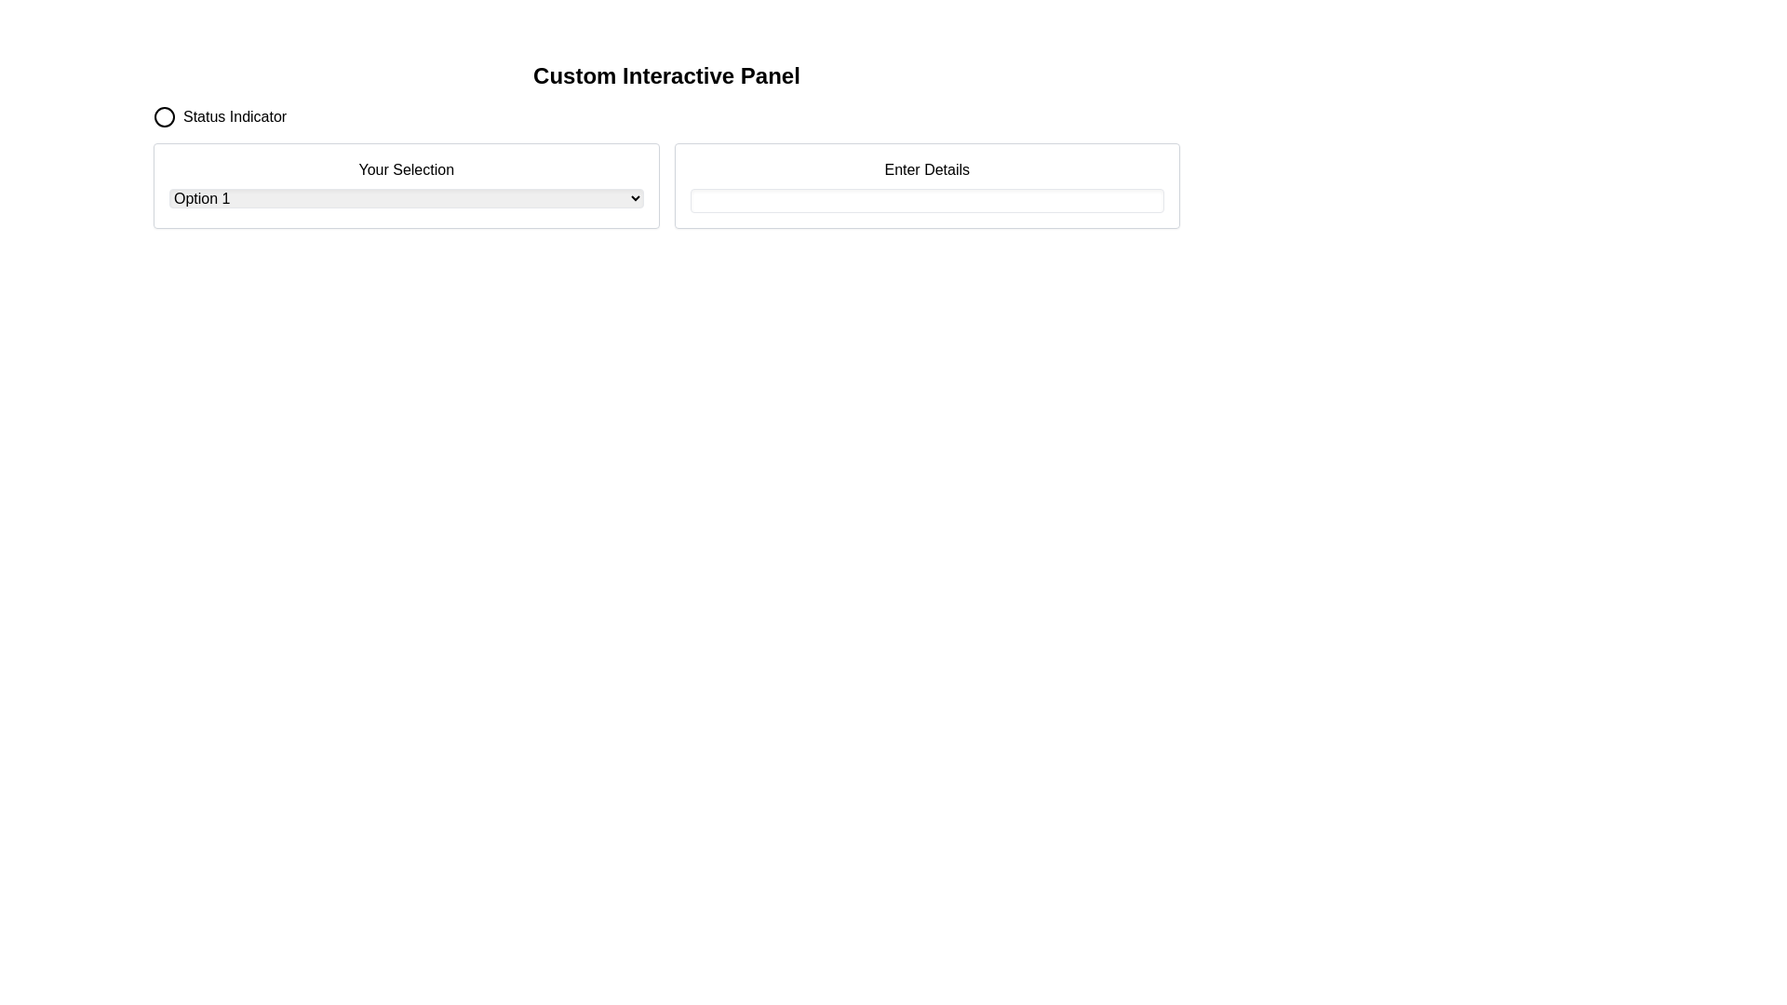 The height and width of the screenshot is (1005, 1787). What do you see at coordinates (927, 169) in the screenshot?
I see `the 'Enter Details' label, which is a bold, centrally aligned text element located in the top half of the panel, above an input field in the second section on the right of the form interface` at bounding box center [927, 169].